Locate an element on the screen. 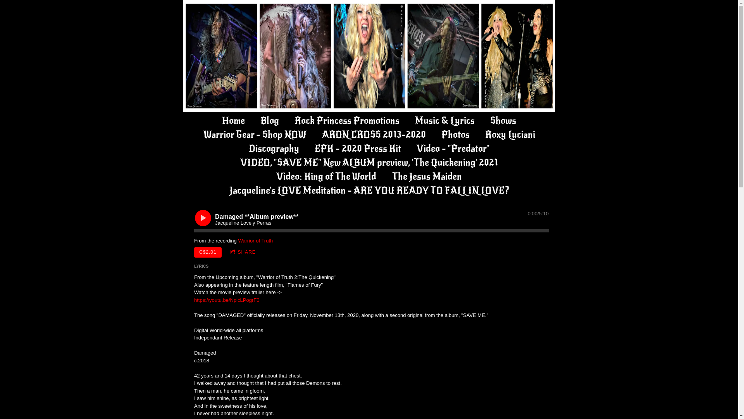 The image size is (744, 419). 'SHARE' is located at coordinates (243, 252).